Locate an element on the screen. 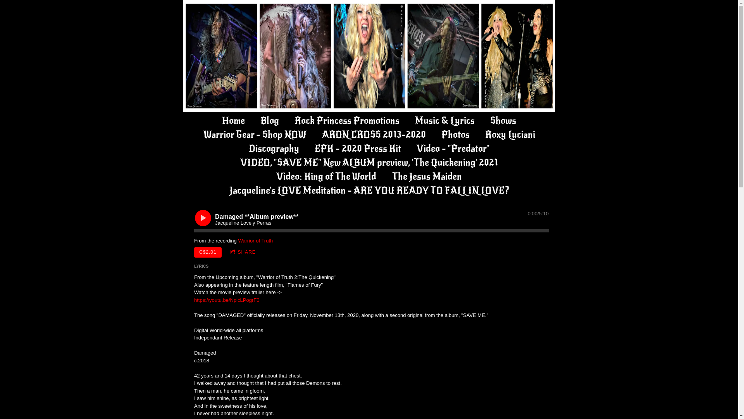 The image size is (744, 419). 'SHARE' is located at coordinates (243, 252).